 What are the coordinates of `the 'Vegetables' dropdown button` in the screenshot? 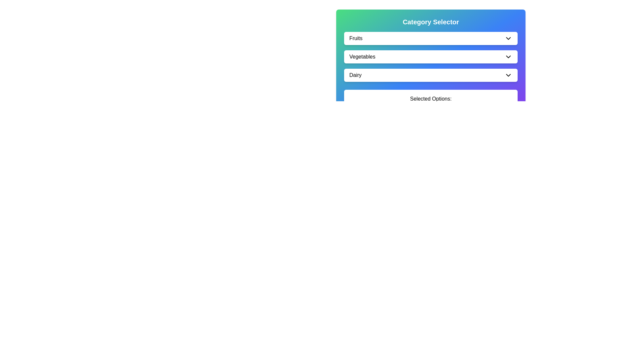 It's located at (431, 57).